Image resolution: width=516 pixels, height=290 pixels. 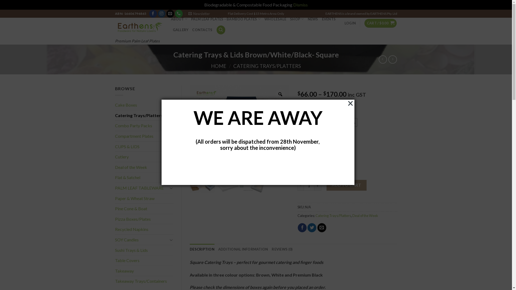 I want to click on 'Email to a Friend', so click(x=322, y=228).